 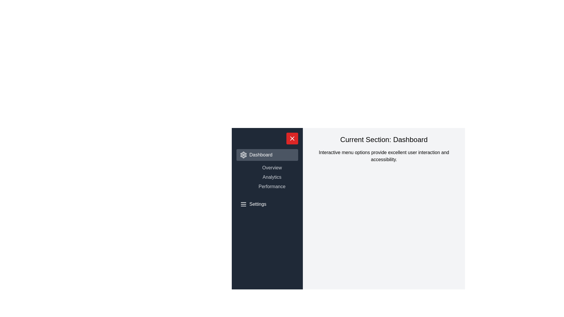 What do you see at coordinates (384, 139) in the screenshot?
I see `text label indicating the current active section, which is 'Dashboard'` at bounding box center [384, 139].